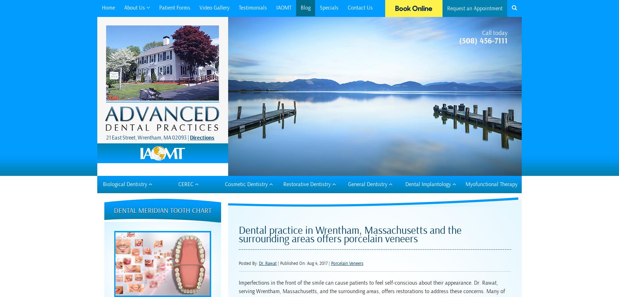 This screenshot has height=297, width=619. What do you see at coordinates (135, 7) in the screenshot?
I see `'About Us'` at bounding box center [135, 7].